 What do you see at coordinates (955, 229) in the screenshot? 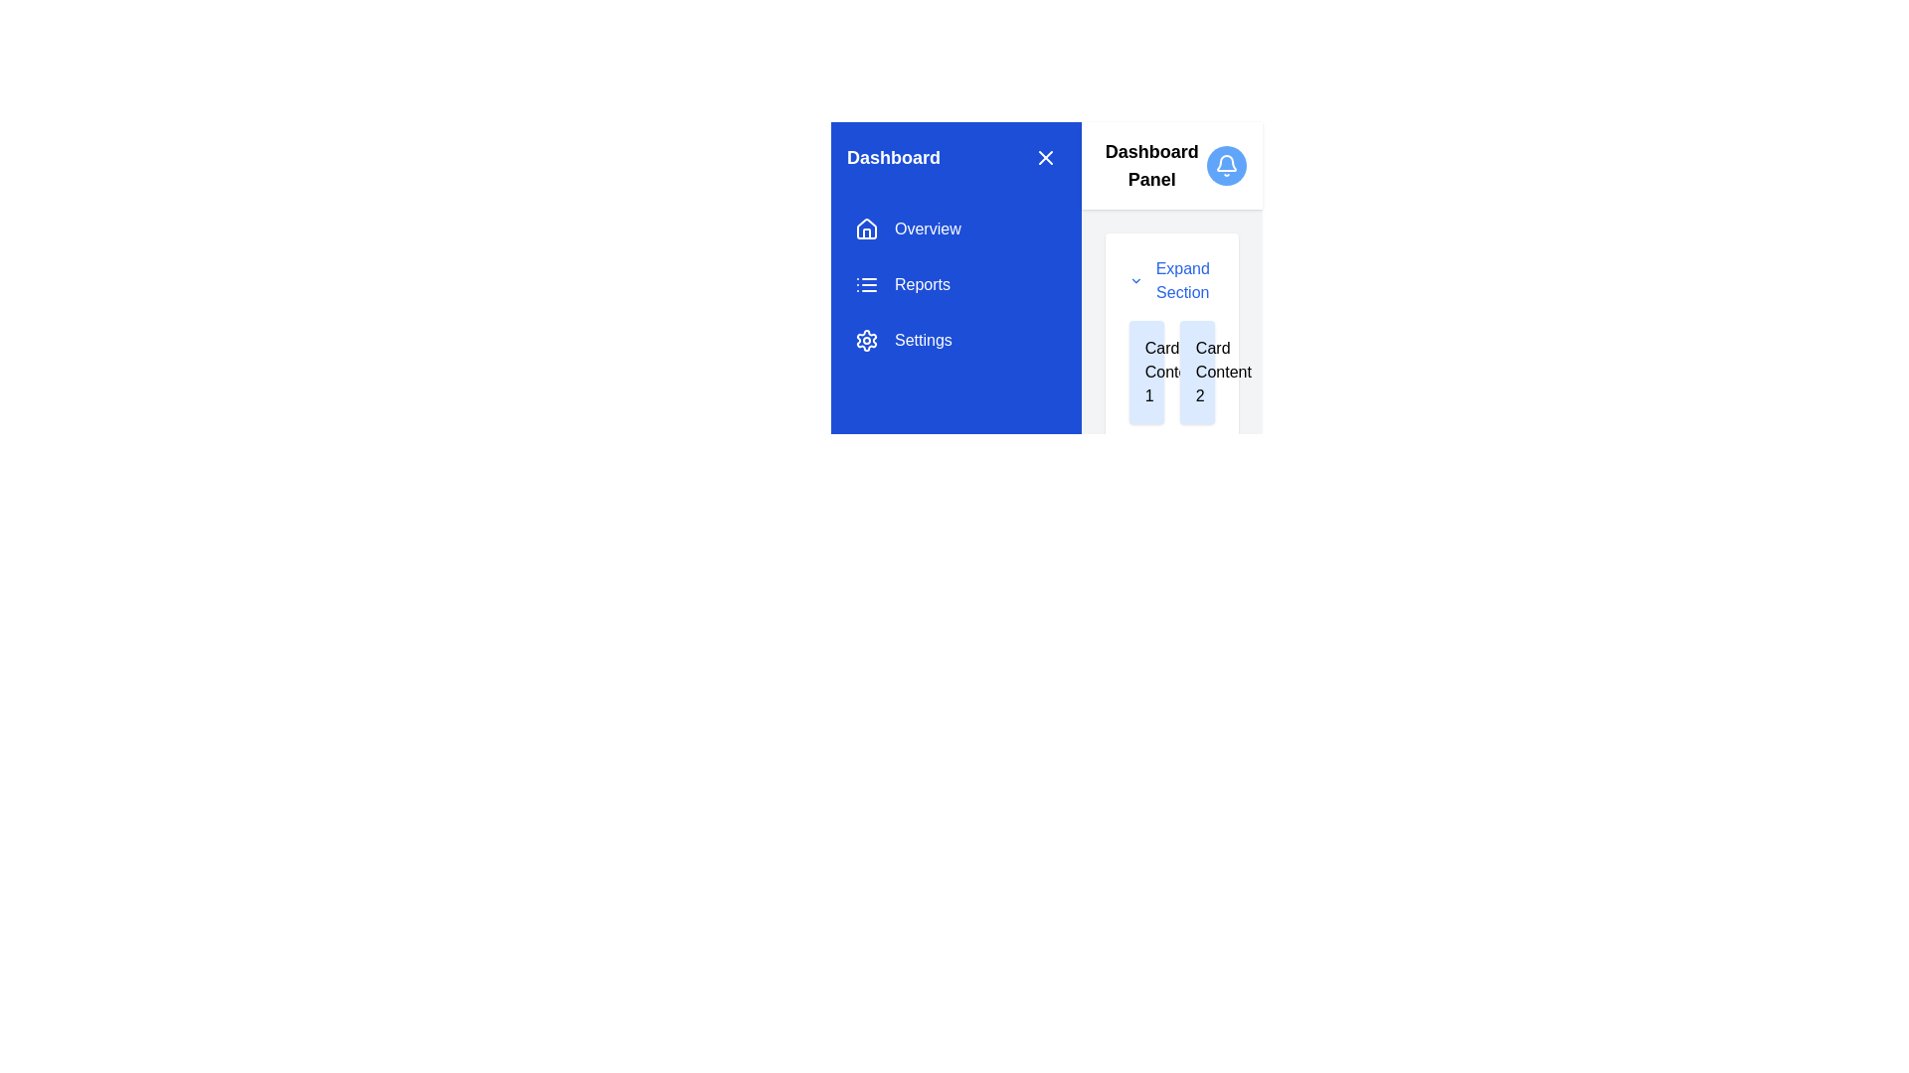
I see `the 'Overview' button in the vertical menu on the left panel` at bounding box center [955, 229].